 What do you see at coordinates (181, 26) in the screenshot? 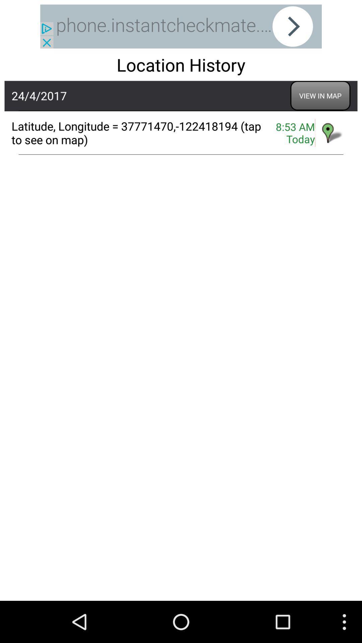
I see `advertisement` at bounding box center [181, 26].